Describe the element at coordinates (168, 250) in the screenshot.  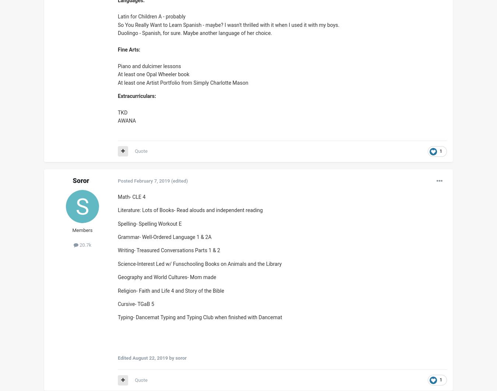
I see `'Writing- Treasured Conversations Parts 1 & 2'` at that location.